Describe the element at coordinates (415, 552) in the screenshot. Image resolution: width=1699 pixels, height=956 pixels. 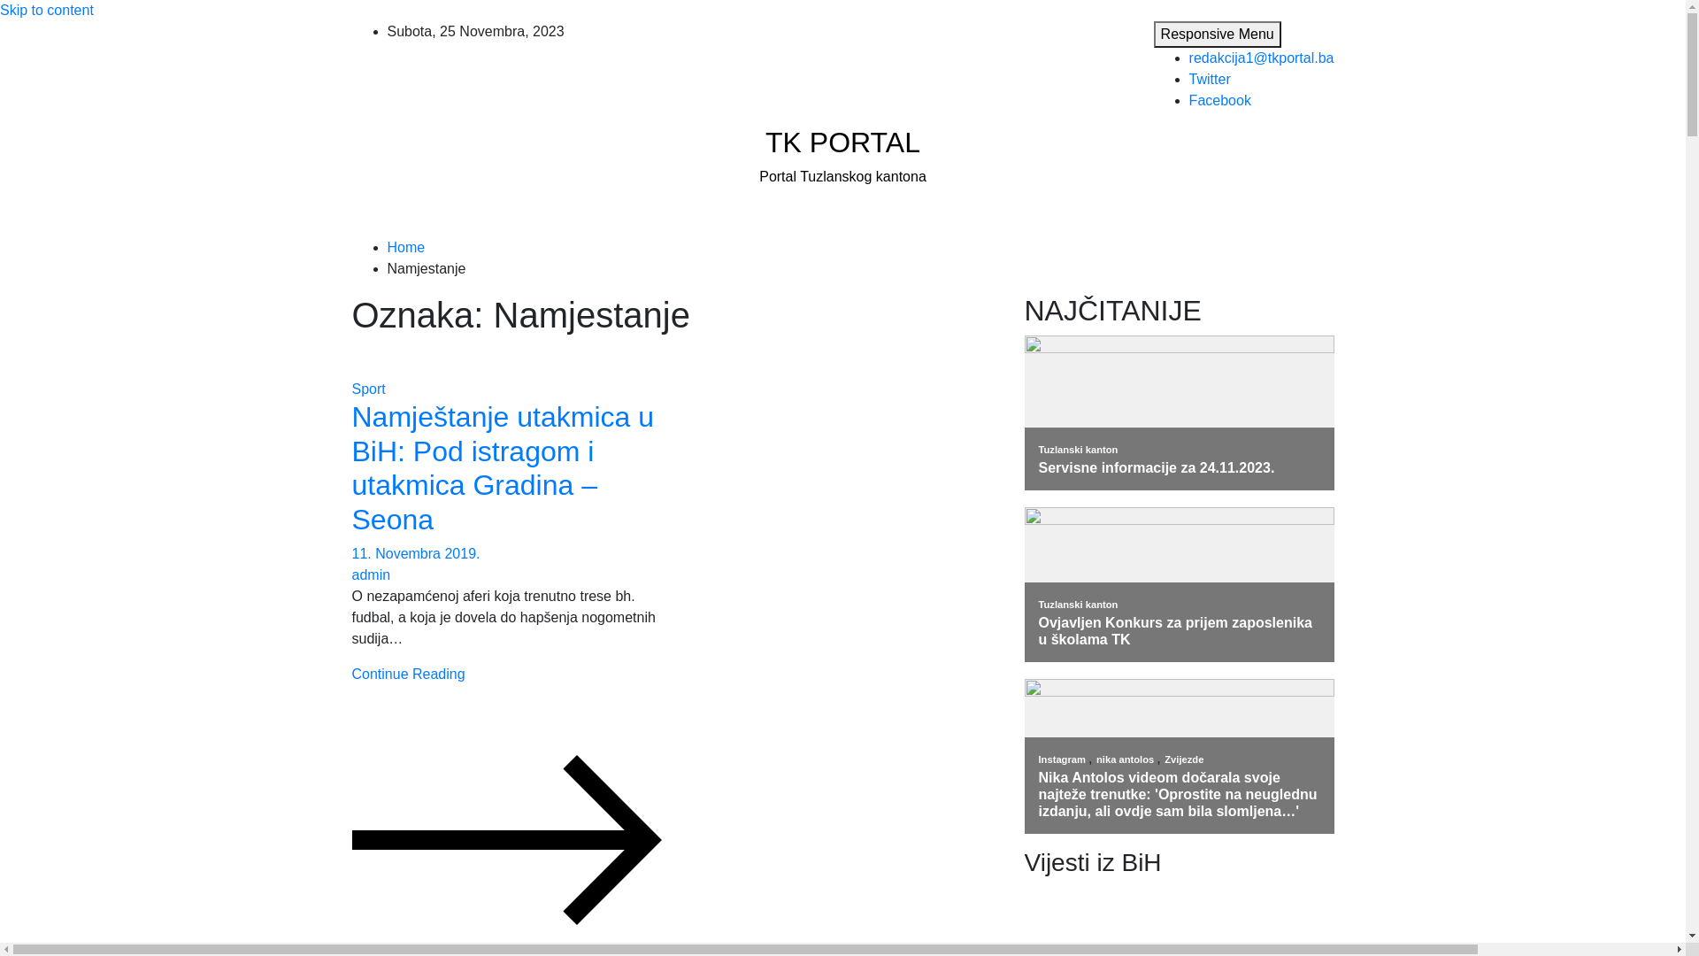
I see `'11. Novembra 2019.'` at that location.